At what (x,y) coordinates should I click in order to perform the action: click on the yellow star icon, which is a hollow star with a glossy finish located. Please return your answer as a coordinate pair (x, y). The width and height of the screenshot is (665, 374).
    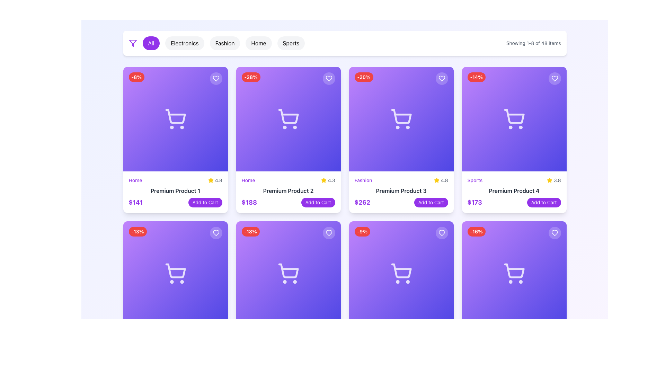
    Looking at the image, I should click on (210, 180).